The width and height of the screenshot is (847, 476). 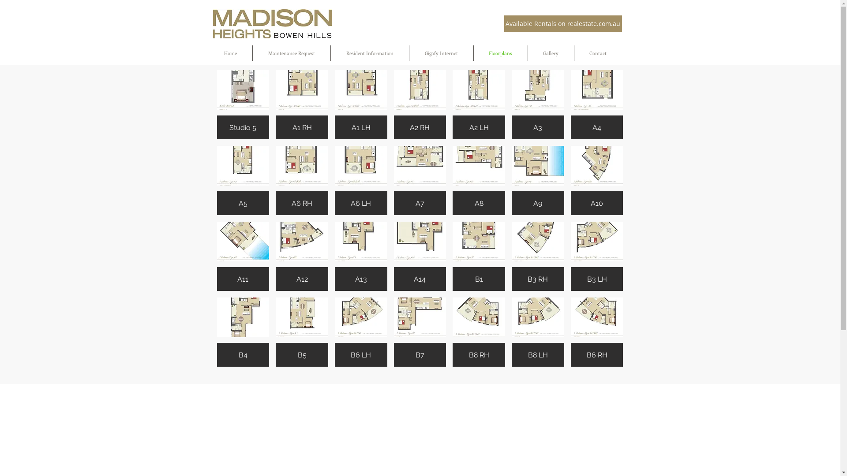 I want to click on 'Available Rentals on realestate.com.au', so click(x=562, y=23).